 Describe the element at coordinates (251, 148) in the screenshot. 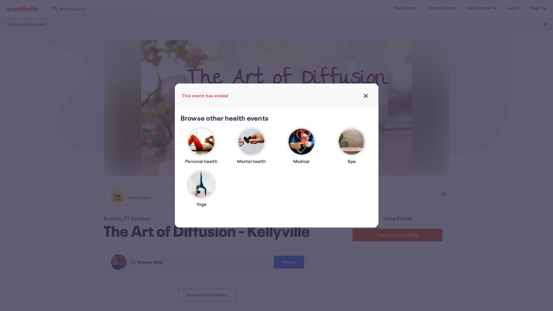

I see `'Mental health'` at that location.